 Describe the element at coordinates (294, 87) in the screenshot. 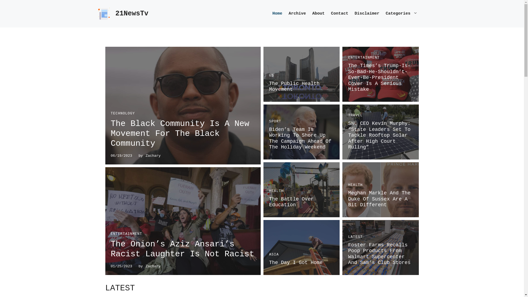

I see `'The Public Health Movement'` at that location.